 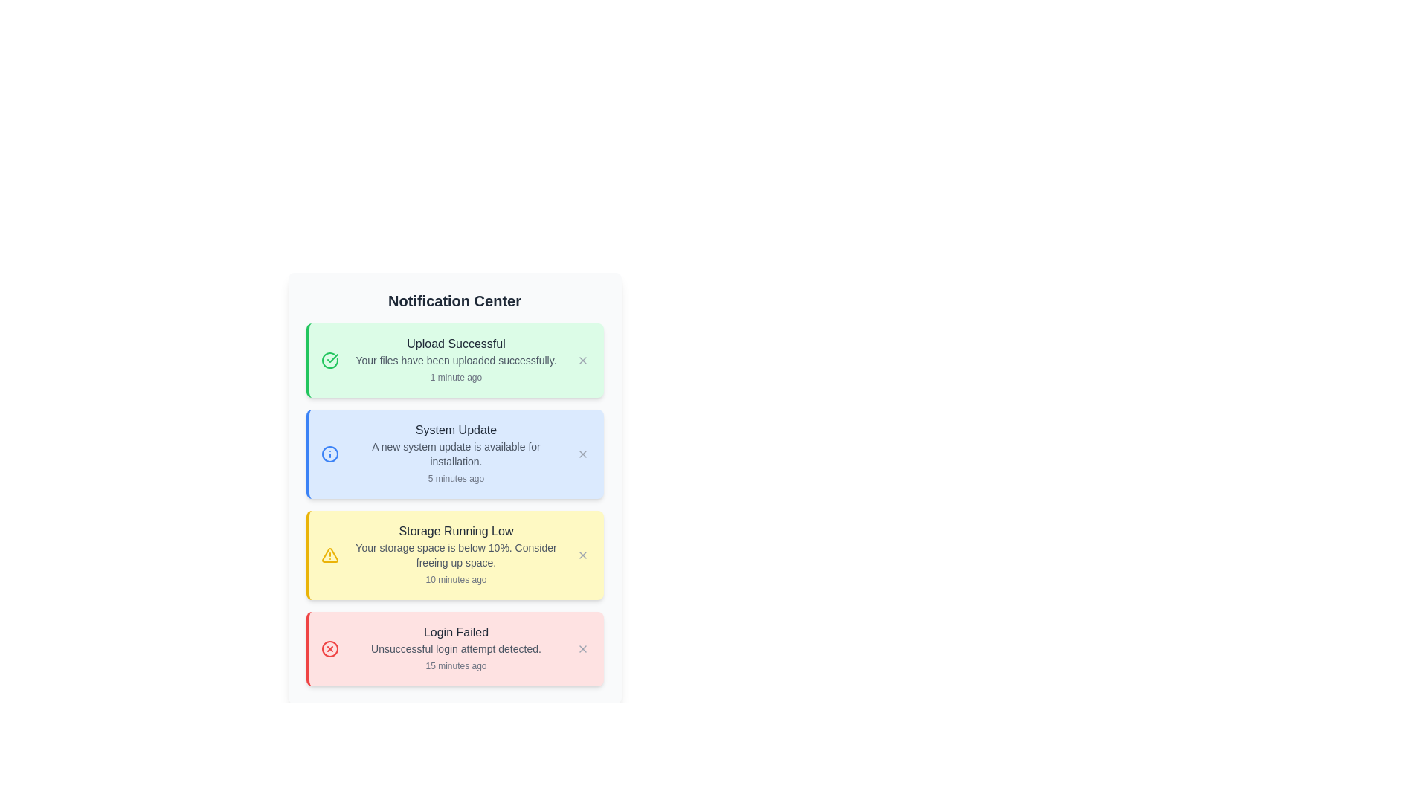 What do you see at coordinates (329, 361) in the screenshot?
I see `the circular icon with a green border and checkmark symbol, located to the left of the 'Upload Successful' notification text in the green notification banner` at bounding box center [329, 361].